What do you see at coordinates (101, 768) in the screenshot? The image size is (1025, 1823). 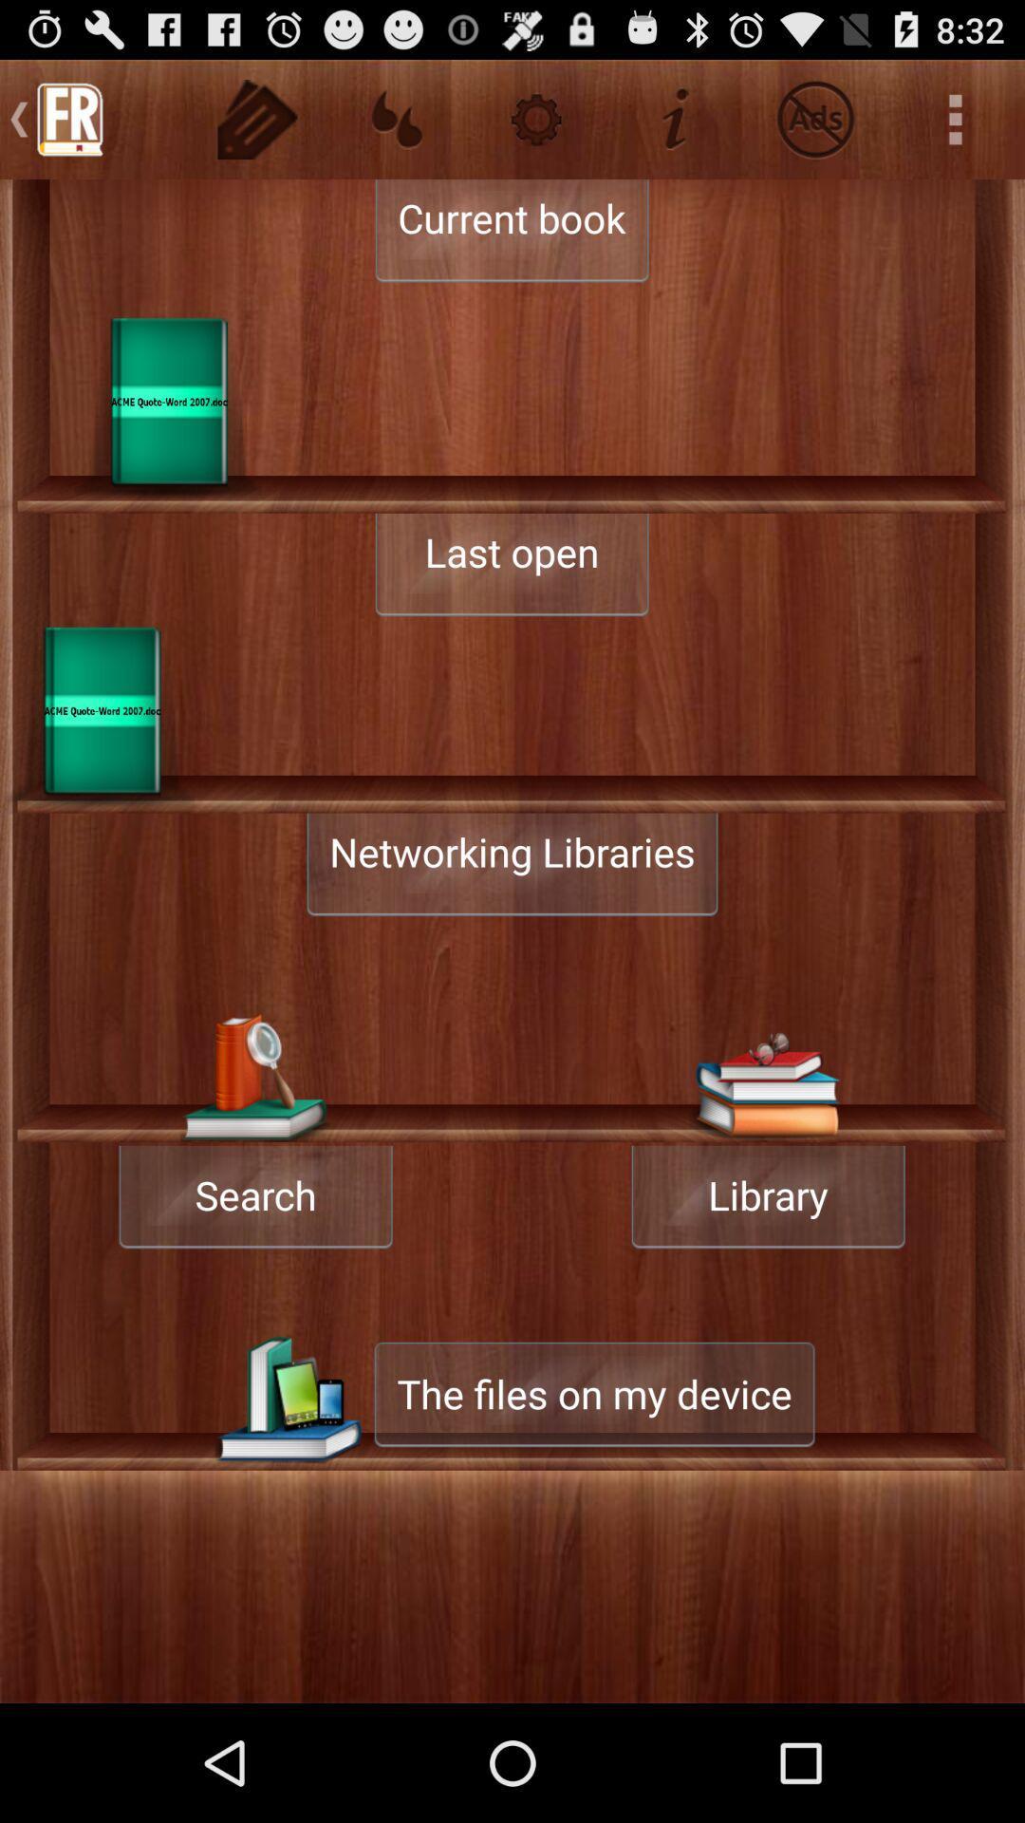 I see `the book icon` at bounding box center [101, 768].